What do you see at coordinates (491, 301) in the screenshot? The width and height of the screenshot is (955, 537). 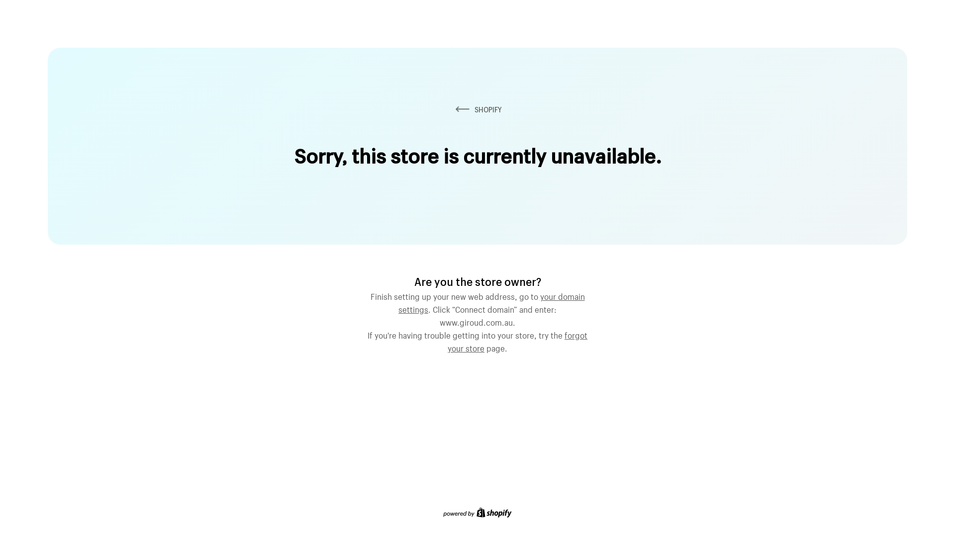 I see `'your domain settings'` at bounding box center [491, 301].